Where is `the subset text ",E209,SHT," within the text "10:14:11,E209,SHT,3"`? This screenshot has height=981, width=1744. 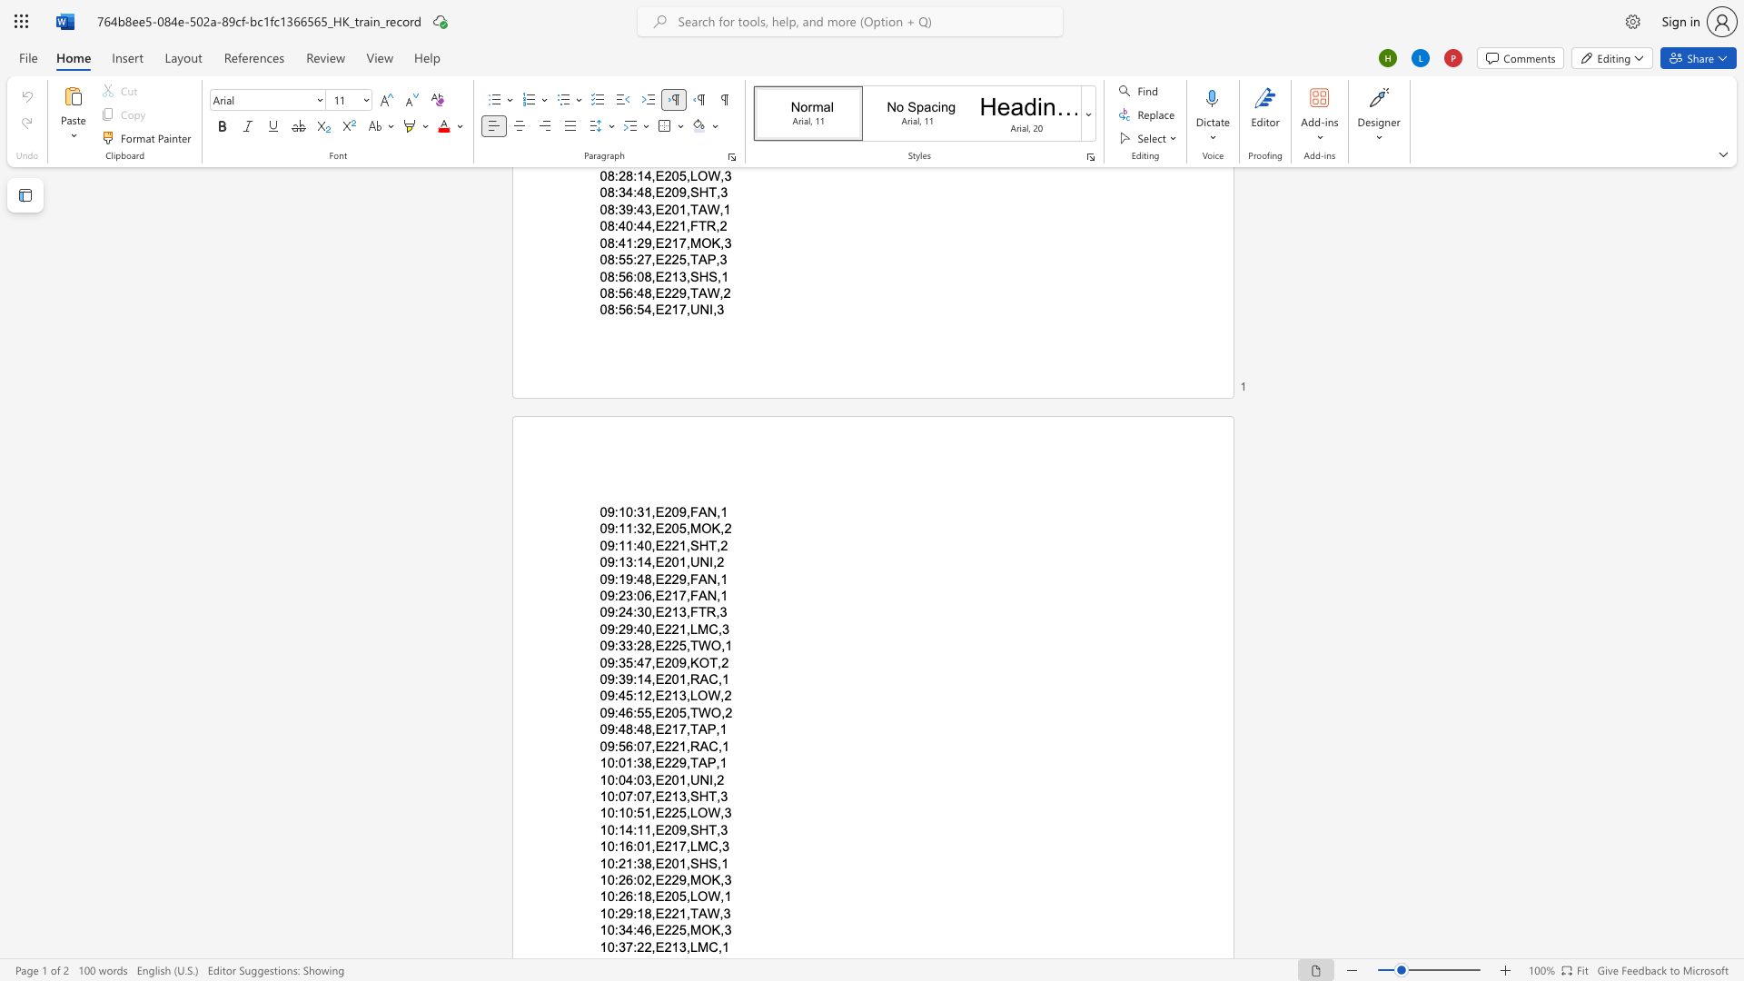
the subset text ",E209,SHT," within the text "10:14:11,E209,SHT,3" is located at coordinates (651, 829).